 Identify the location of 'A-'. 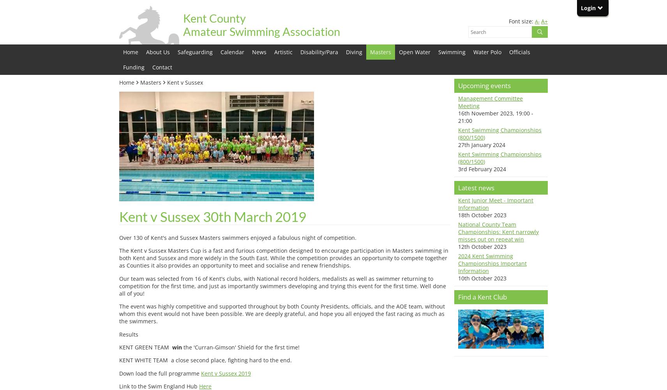
(535, 21).